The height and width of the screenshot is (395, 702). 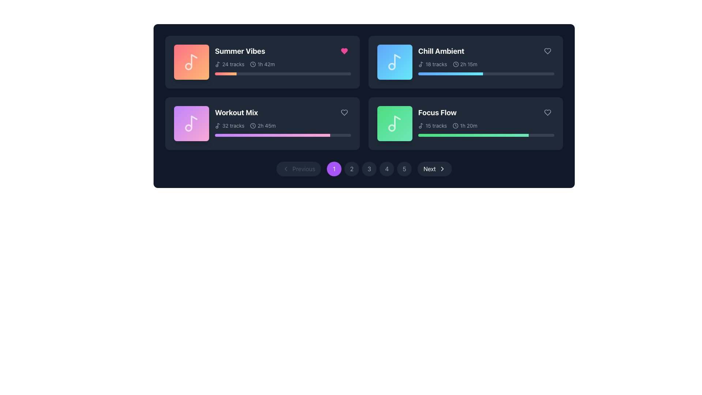 I want to click on the Information card displaying the title 'Focus Flow', which shows '15 tracks' and '1h 20m' with a green progress bar, located in the bottom-right quadrant of a 2x2 grid layout, so click(x=486, y=121).